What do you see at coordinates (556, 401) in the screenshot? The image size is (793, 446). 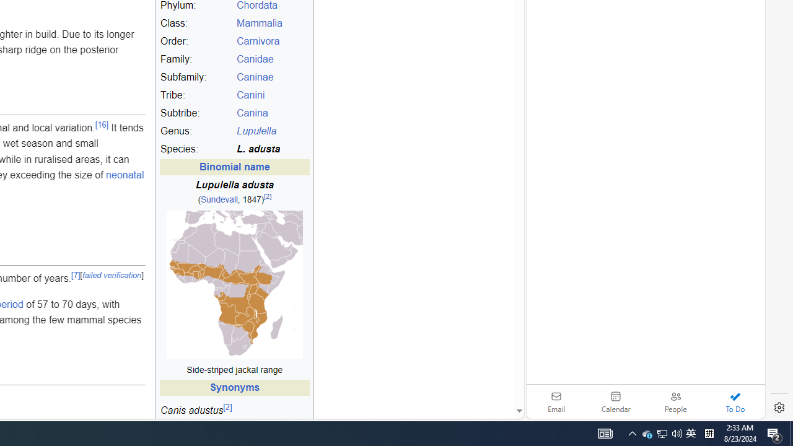 I see `'Email'` at bounding box center [556, 401].